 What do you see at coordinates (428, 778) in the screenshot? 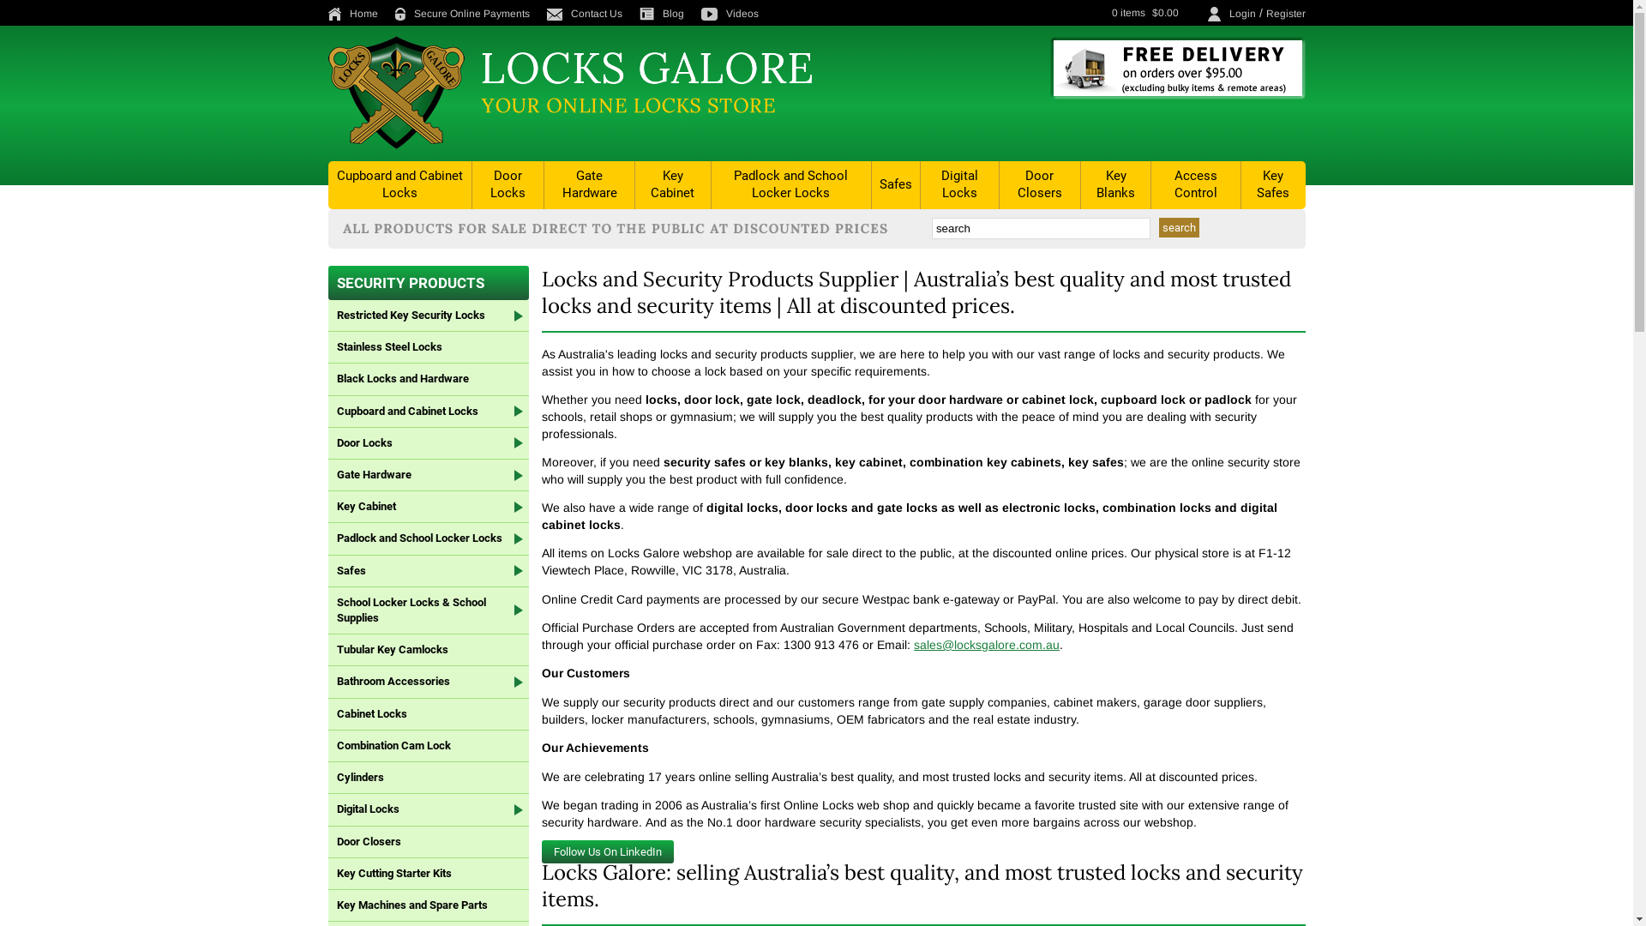
I see `'Cylinders'` at bounding box center [428, 778].